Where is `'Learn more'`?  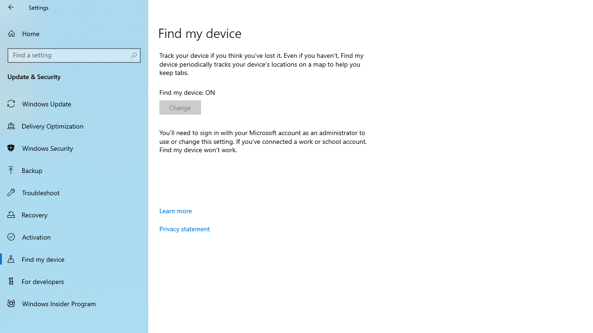
'Learn more' is located at coordinates (176, 210).